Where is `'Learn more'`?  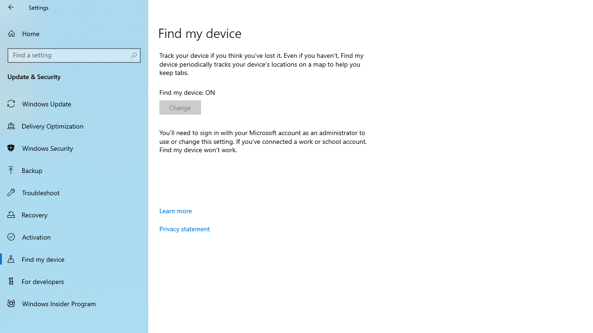
'Learn more' is located at coordinates (176, 210).